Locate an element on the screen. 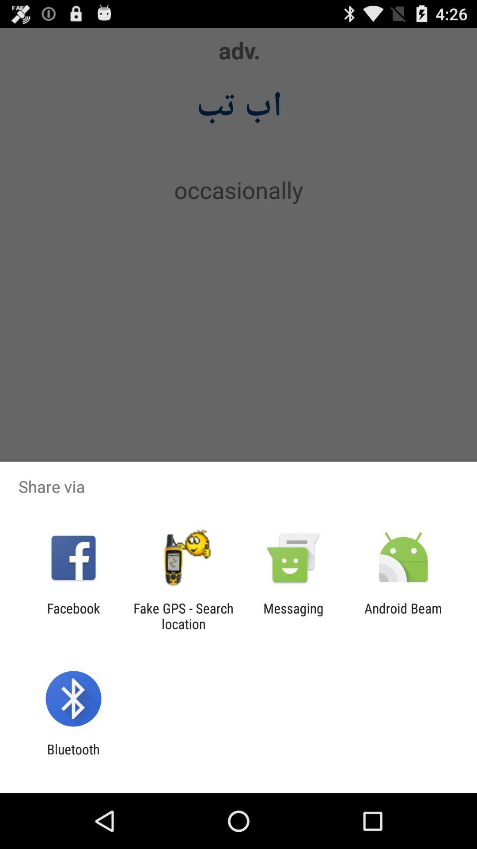  icon to the left of the fake gps search is located at coordinates (73, 616).